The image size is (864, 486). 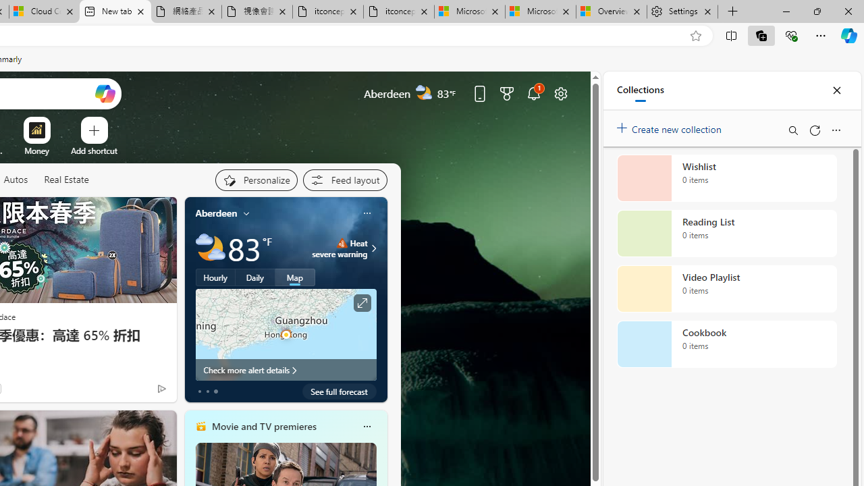 I want to click on 'Class: weather-arrow-glyph', so click(x=374, y=248).